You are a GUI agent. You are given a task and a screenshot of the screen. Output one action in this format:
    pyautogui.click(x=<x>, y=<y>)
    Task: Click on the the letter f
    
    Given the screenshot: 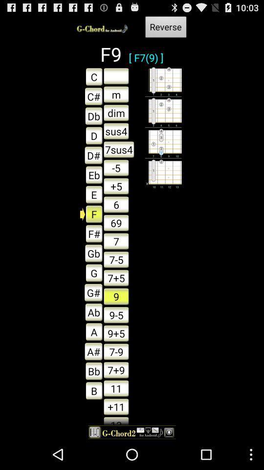 What is the action you would take?
    pyautogui.click(x=91, y=213)
    